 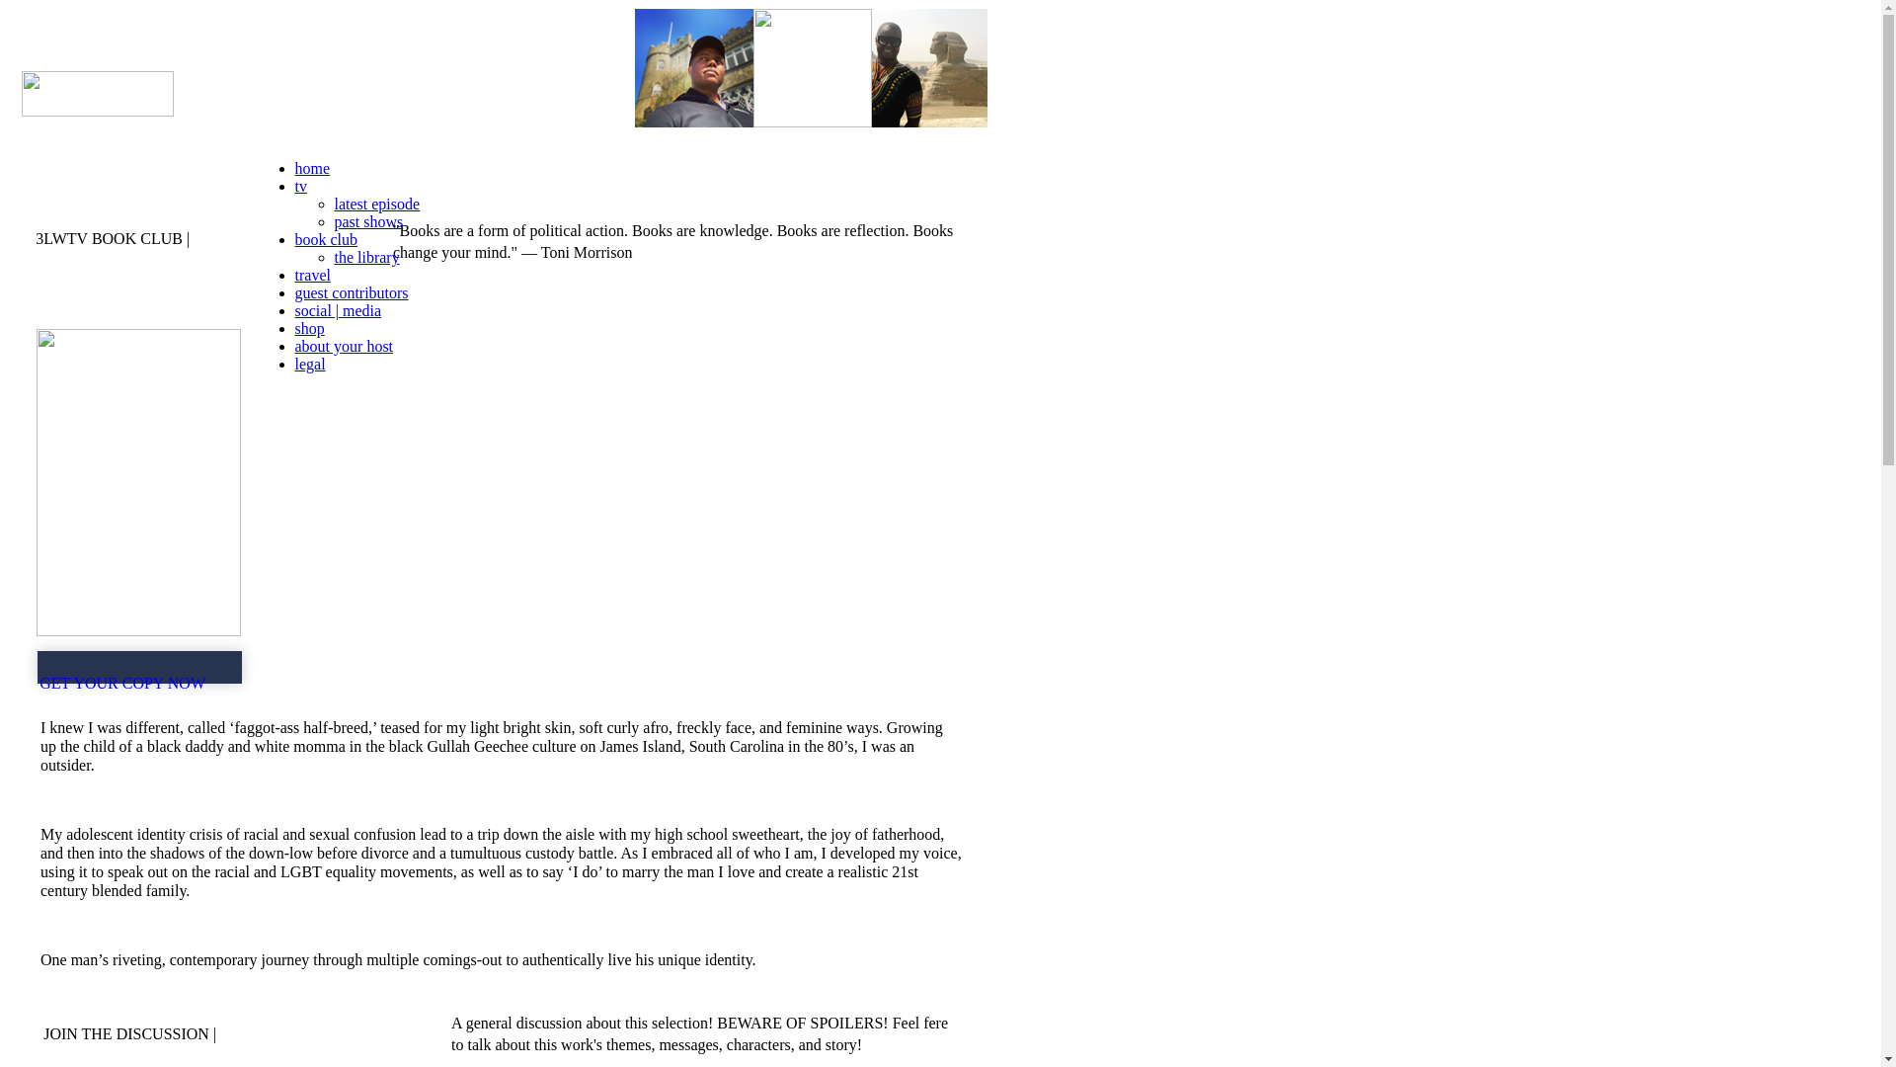 What do you see at coordinates (337, 310) in the screenshot?
I see `'social | media'` at bounding box center [337, 310].